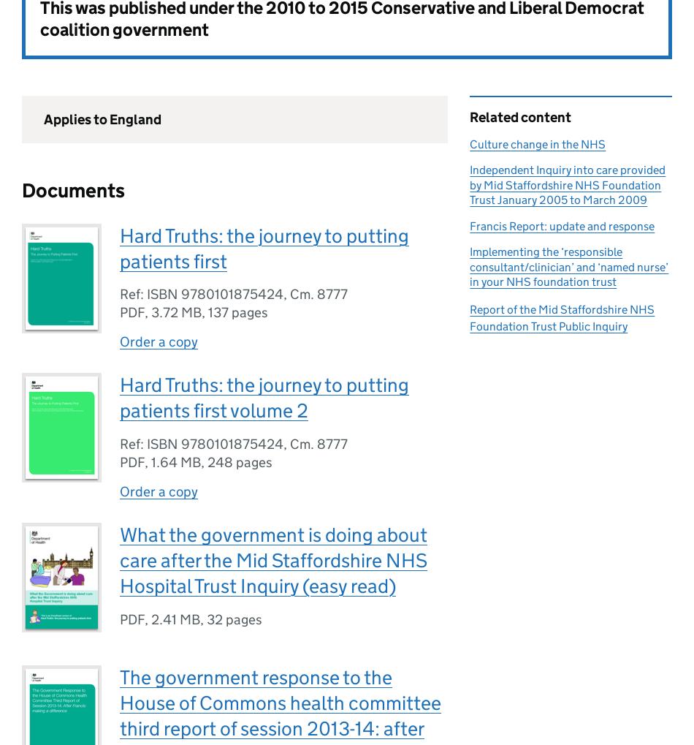  Describe the element at coordinates (175, 462) in the screenshot. I see `'1.64 MB'` at that location.